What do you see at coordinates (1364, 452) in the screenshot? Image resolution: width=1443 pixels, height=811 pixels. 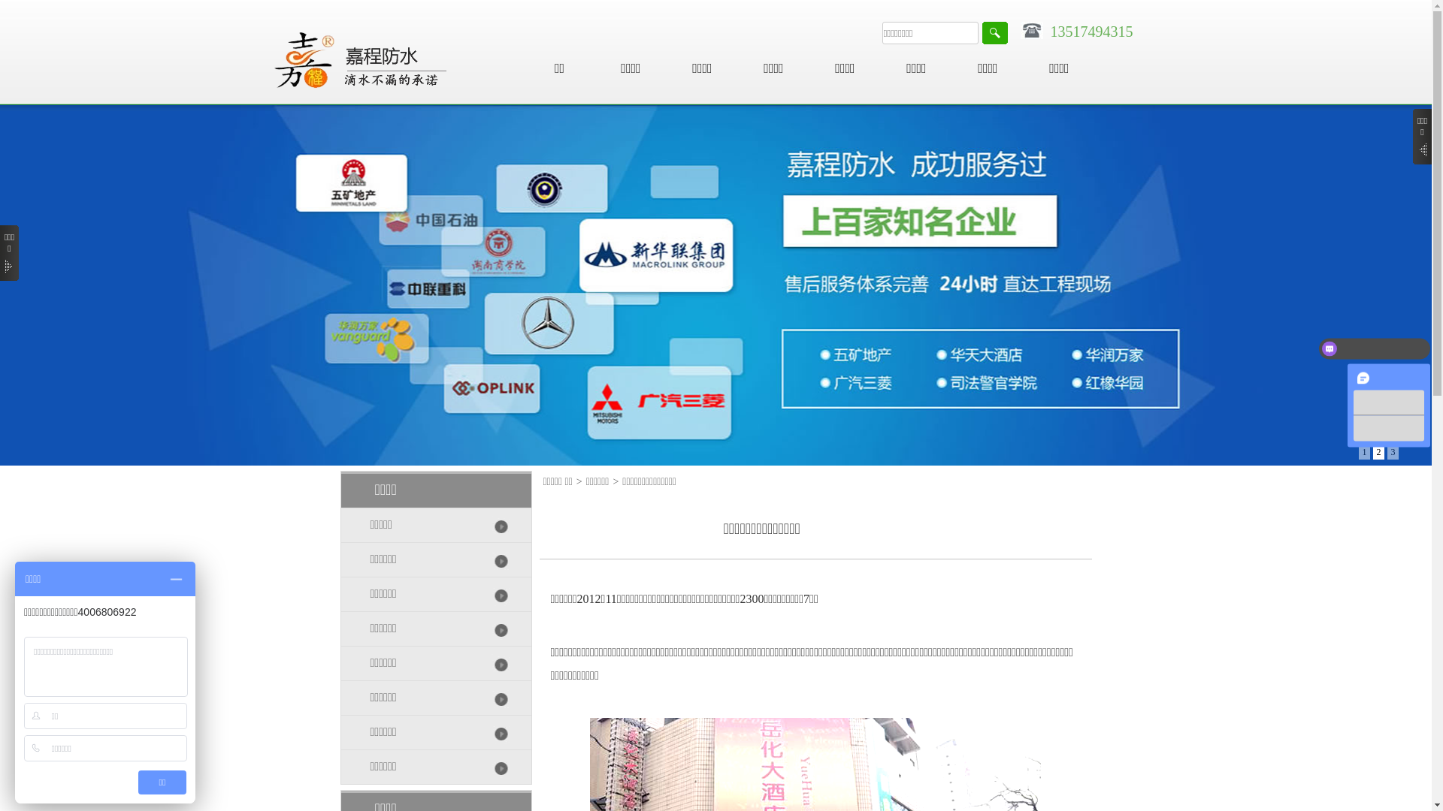 I see `'1'` at bounding box center [1364, 452].